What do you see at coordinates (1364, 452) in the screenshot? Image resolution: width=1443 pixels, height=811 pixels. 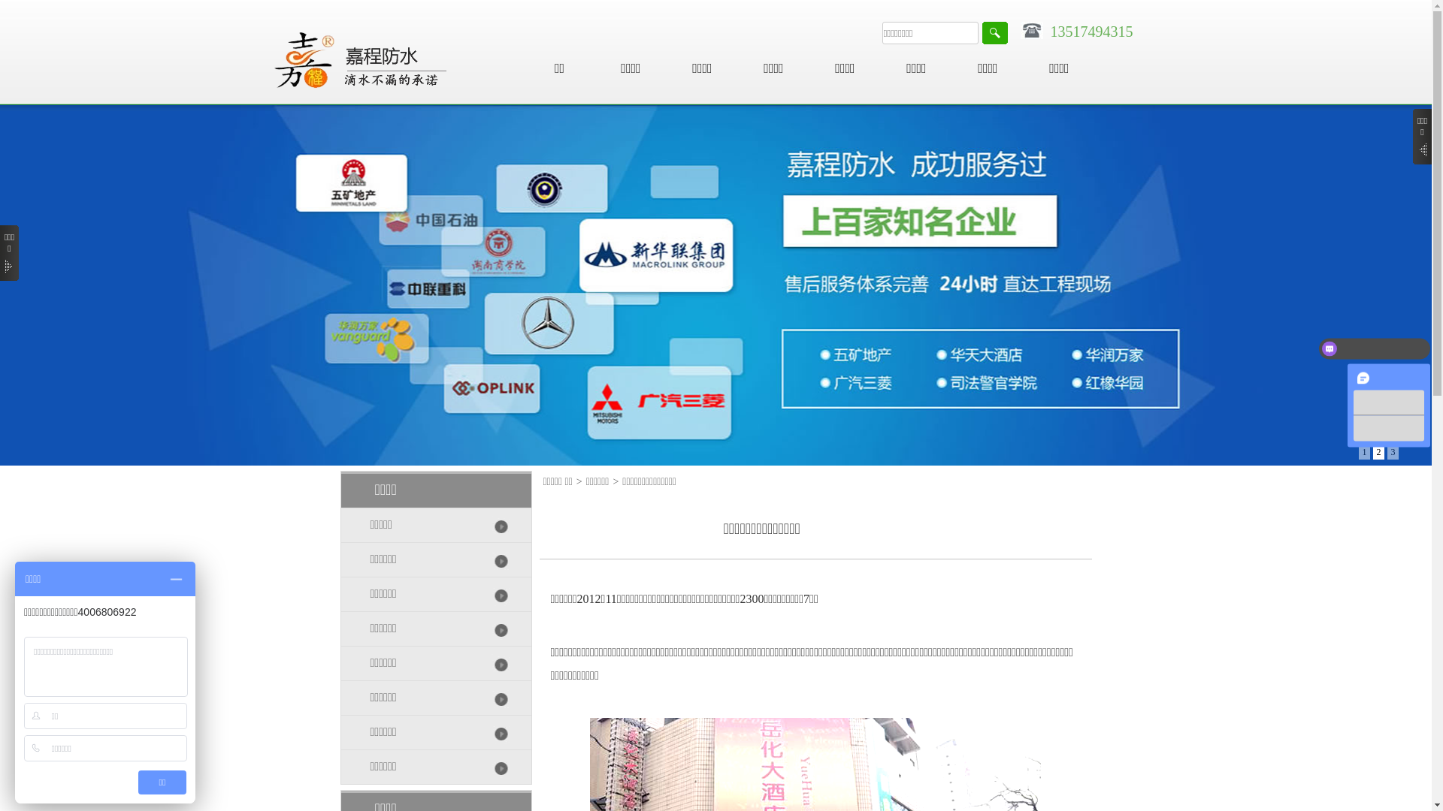 I see `'1'` at bounding box center [1364, 452].